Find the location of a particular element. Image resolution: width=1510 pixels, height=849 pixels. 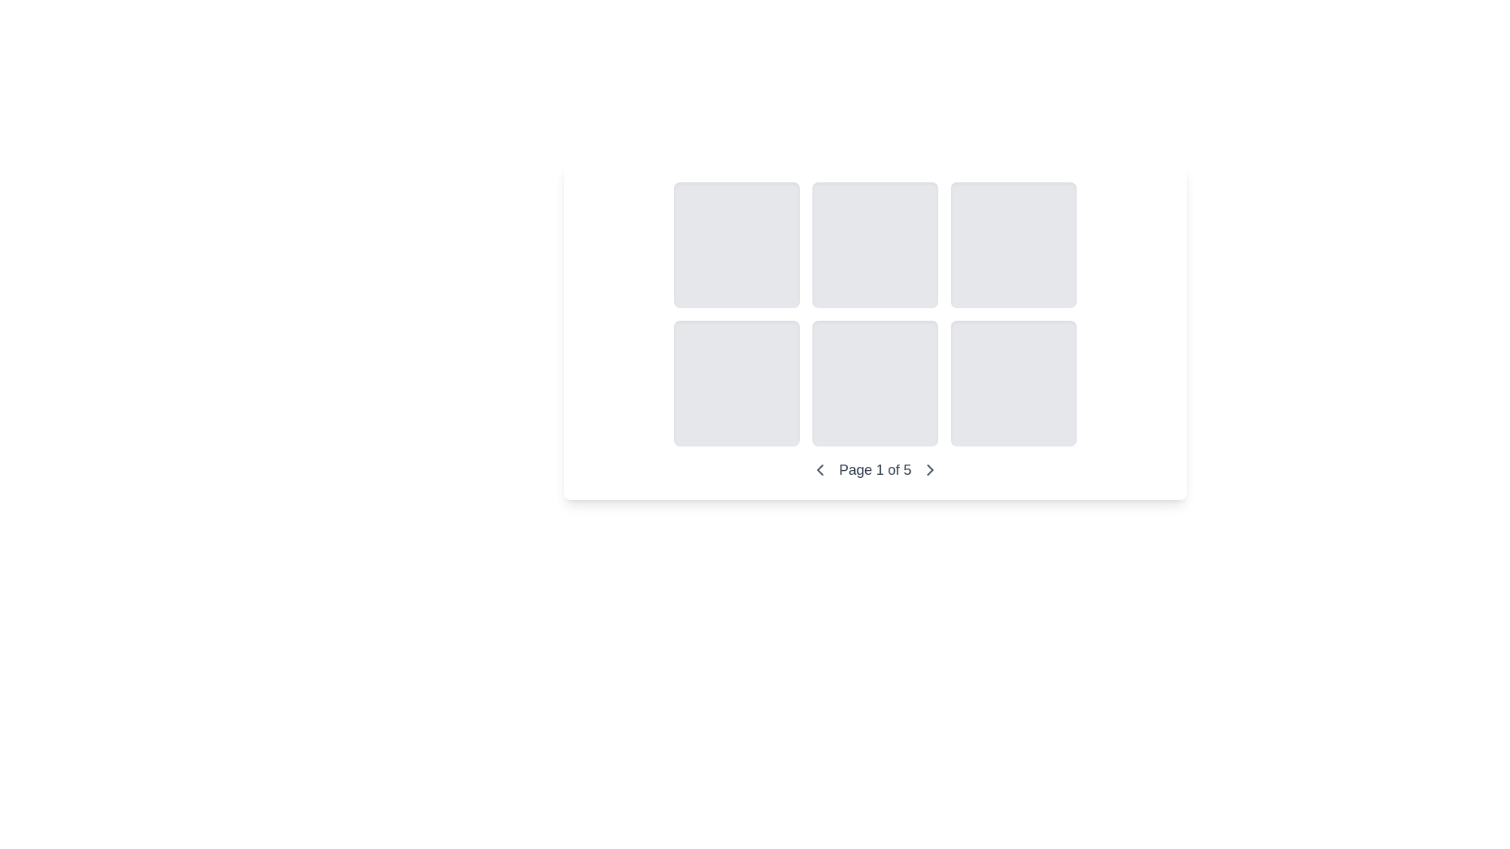

the text label displaying 'Page 1 of 5' in gray font, which is centrally placed within the navigation bar context is located at coordinates (875, 469).